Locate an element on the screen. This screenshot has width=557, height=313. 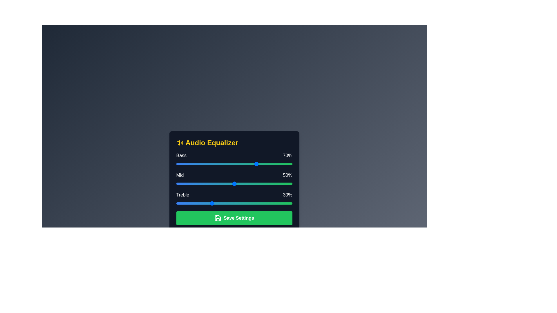
the 1 slider to 5% and observe the visual feedback is located at coordinates (182, 183).